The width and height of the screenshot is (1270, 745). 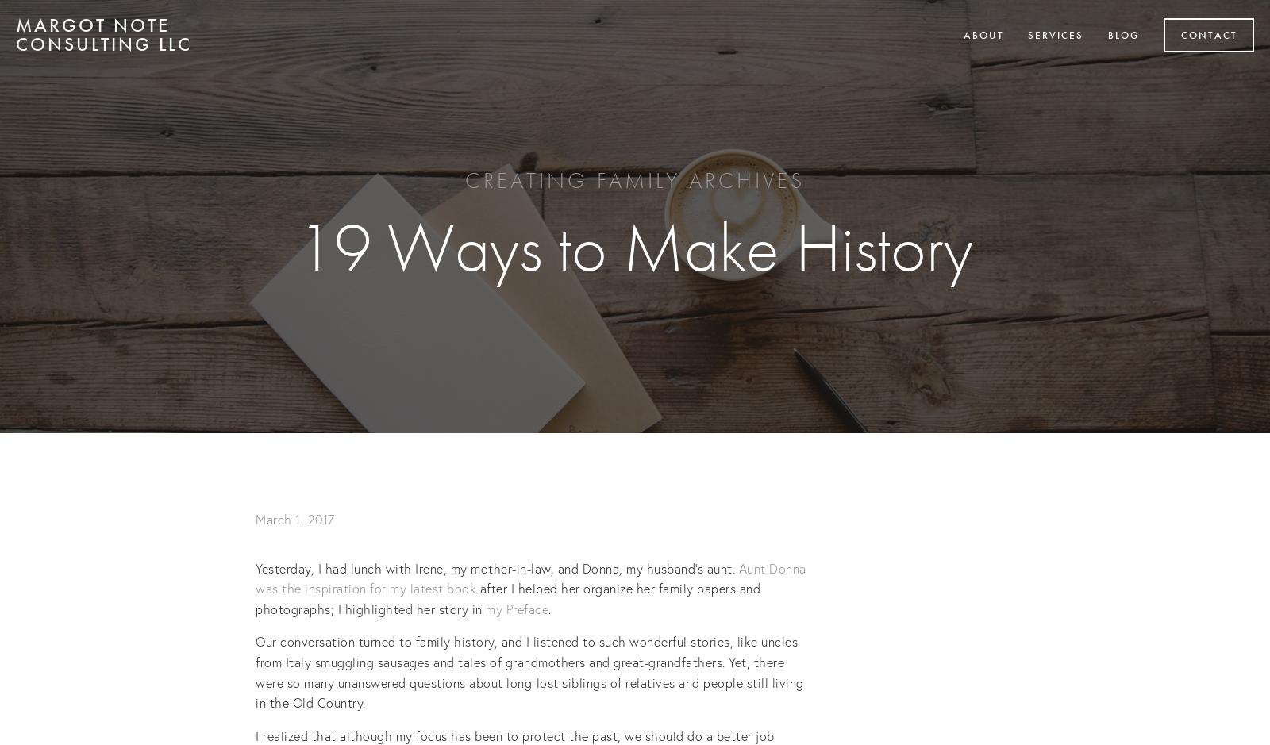 What do you see at coordinates (256, 519) in the screenshot?
I see `'March 1, 2017'` at bounding box center [256, 519].